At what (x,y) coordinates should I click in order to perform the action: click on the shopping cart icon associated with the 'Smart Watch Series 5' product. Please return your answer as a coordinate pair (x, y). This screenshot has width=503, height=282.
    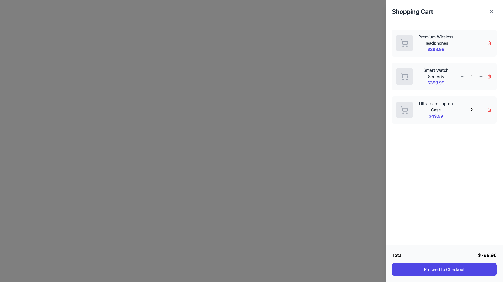
    Looking at the image, I should click on (404, 75).